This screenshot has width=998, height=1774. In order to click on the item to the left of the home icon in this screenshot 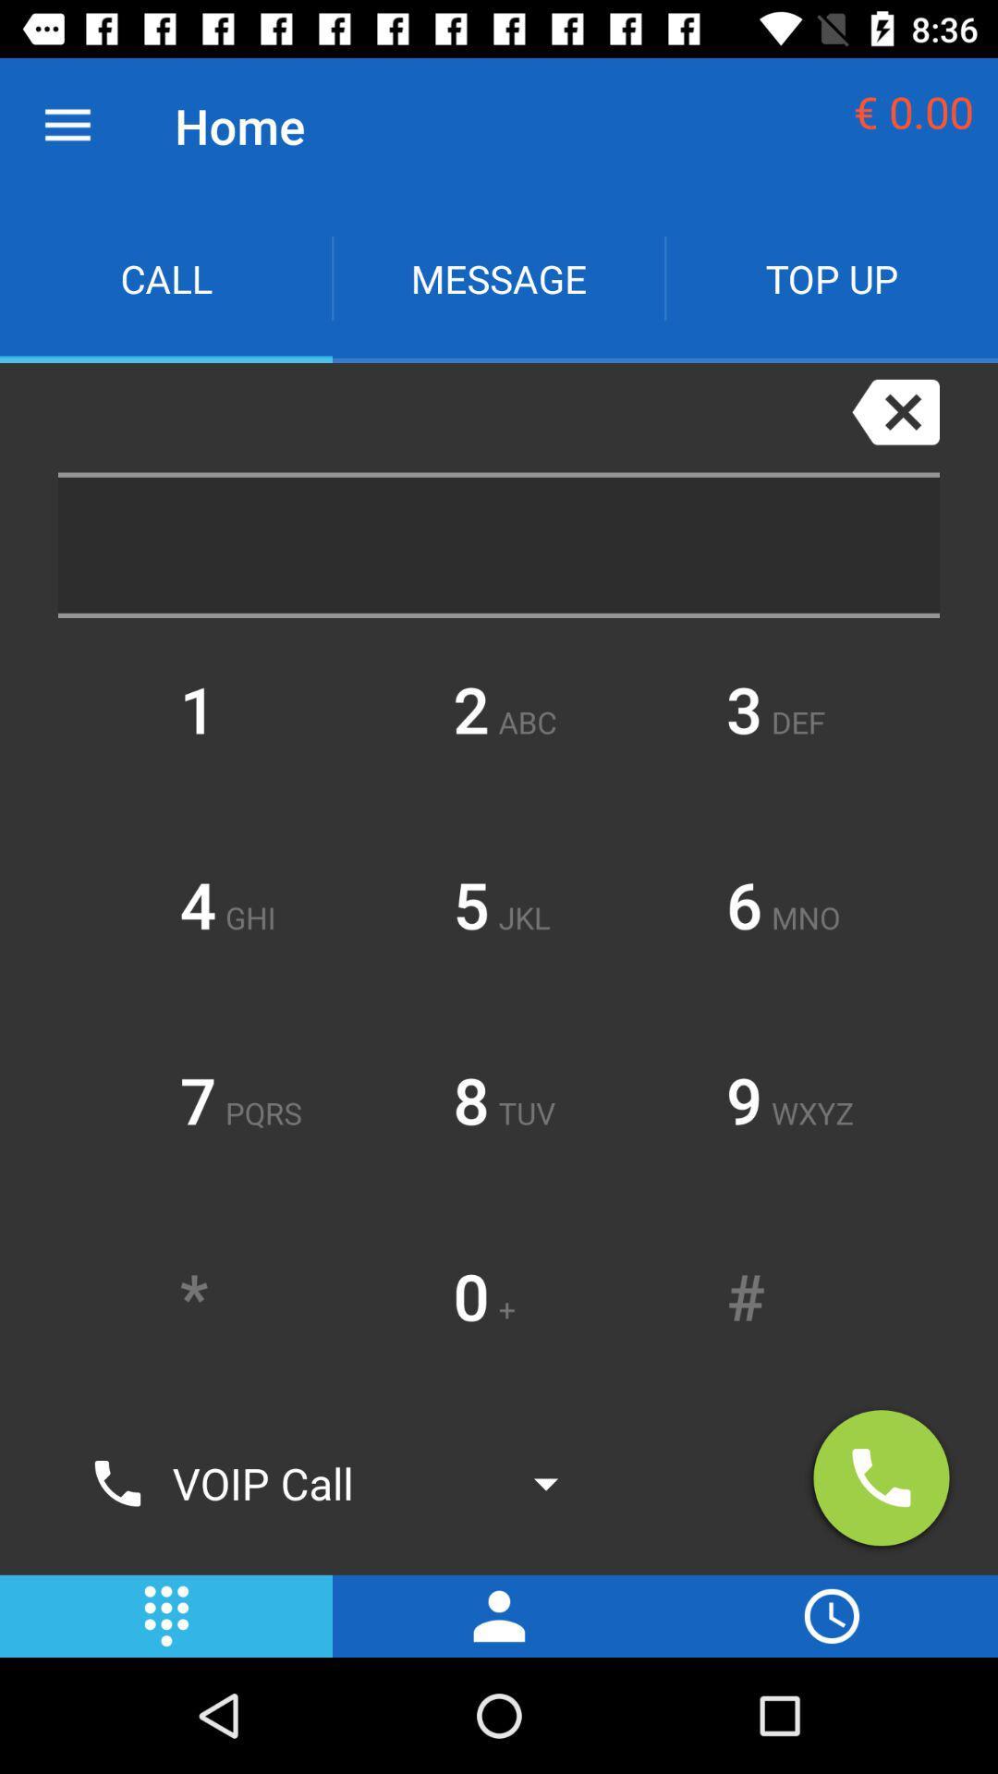, I will do `click(67, 125)`.